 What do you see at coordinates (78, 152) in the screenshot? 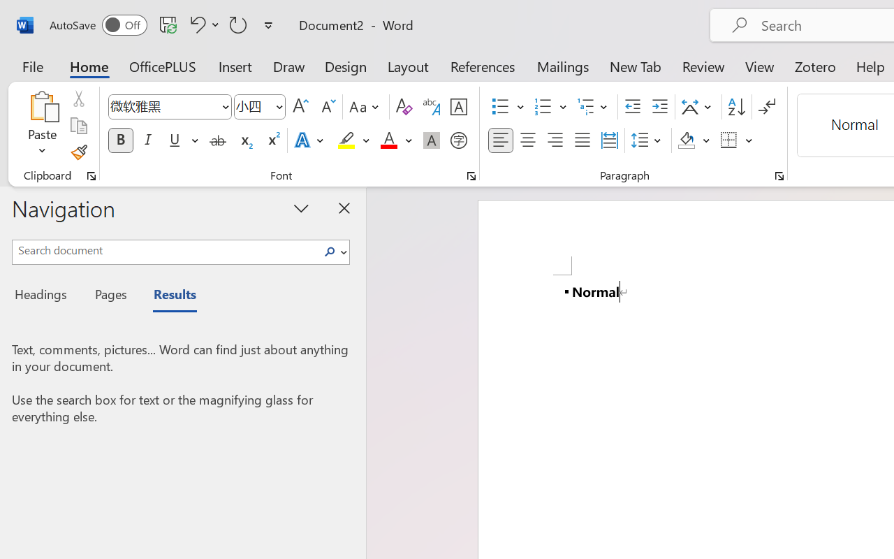
I see `'Format Painter'` at bounding box center [78, 152].